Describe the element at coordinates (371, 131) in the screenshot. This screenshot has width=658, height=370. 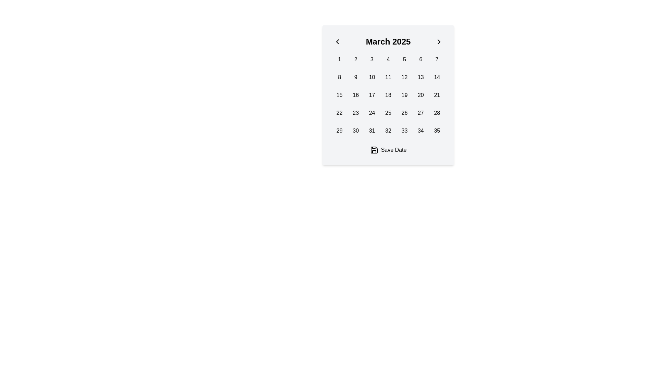
I see `the button-like grid item representing the number '31' in the calendar` at that location.